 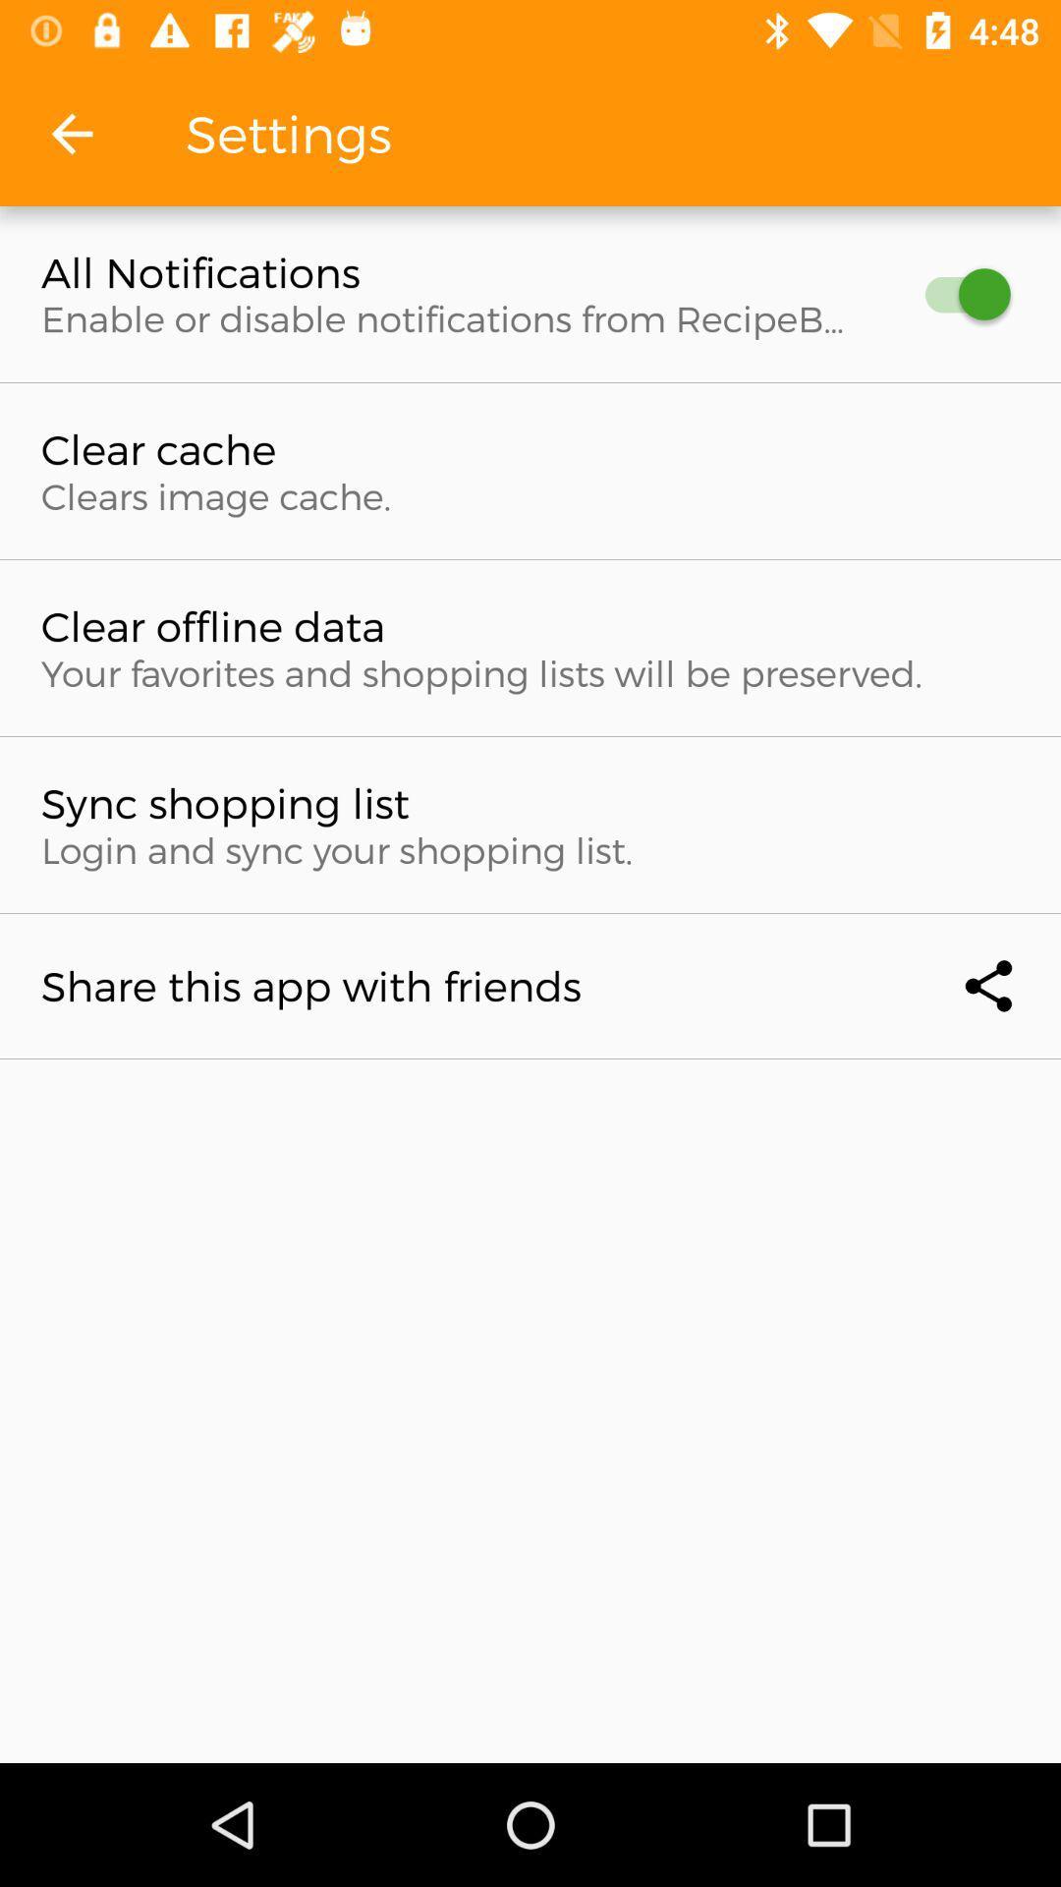 I want to click on button to receive all notifications, so click(x=957, y=293).